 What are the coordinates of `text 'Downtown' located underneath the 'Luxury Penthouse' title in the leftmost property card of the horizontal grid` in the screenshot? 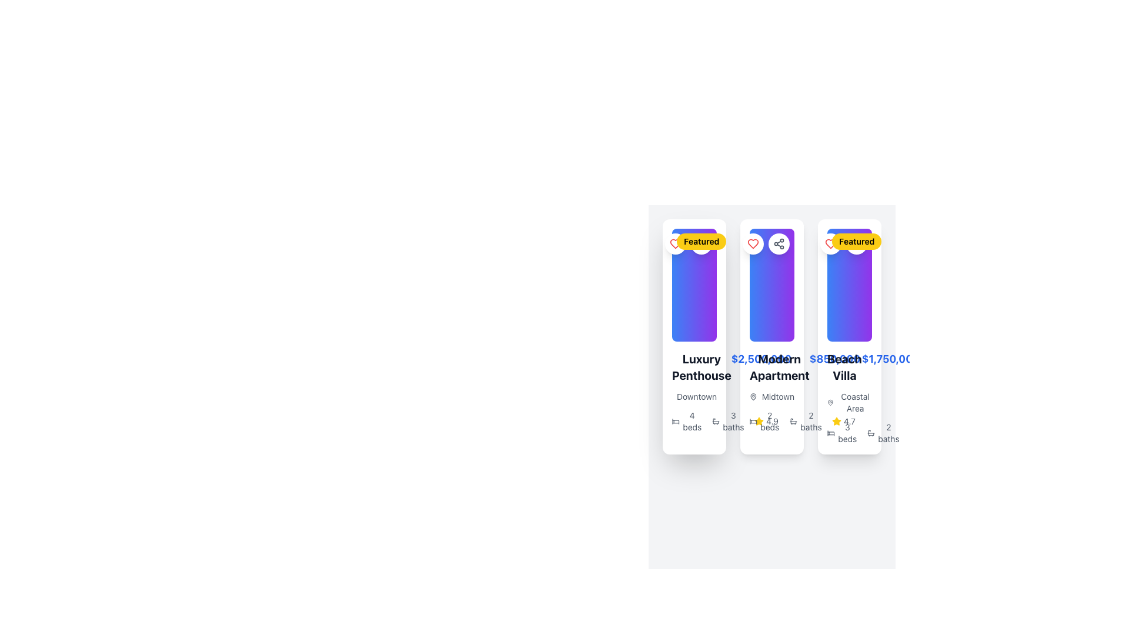 It's located at (697, 397).